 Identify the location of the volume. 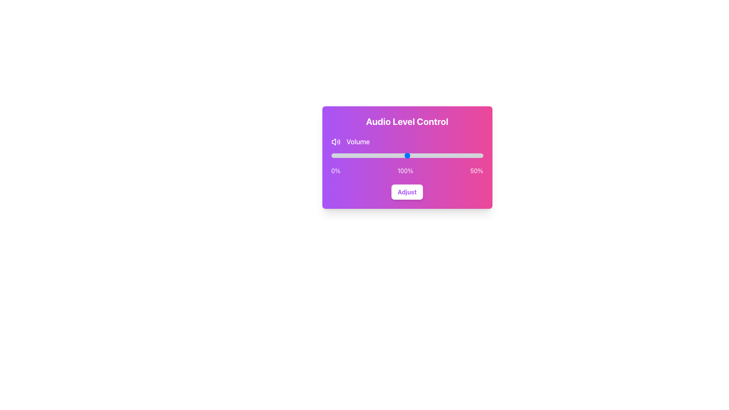
(410, 155).